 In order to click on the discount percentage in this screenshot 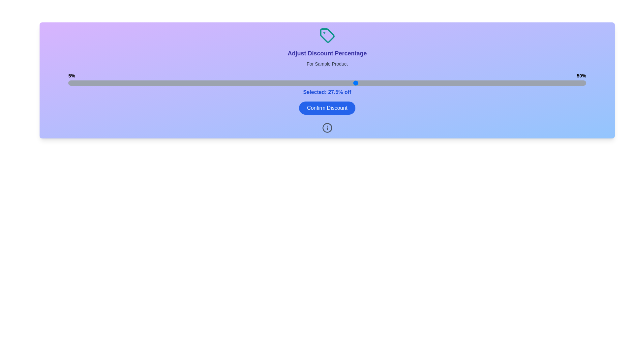, I will do `click(517, 82)`.